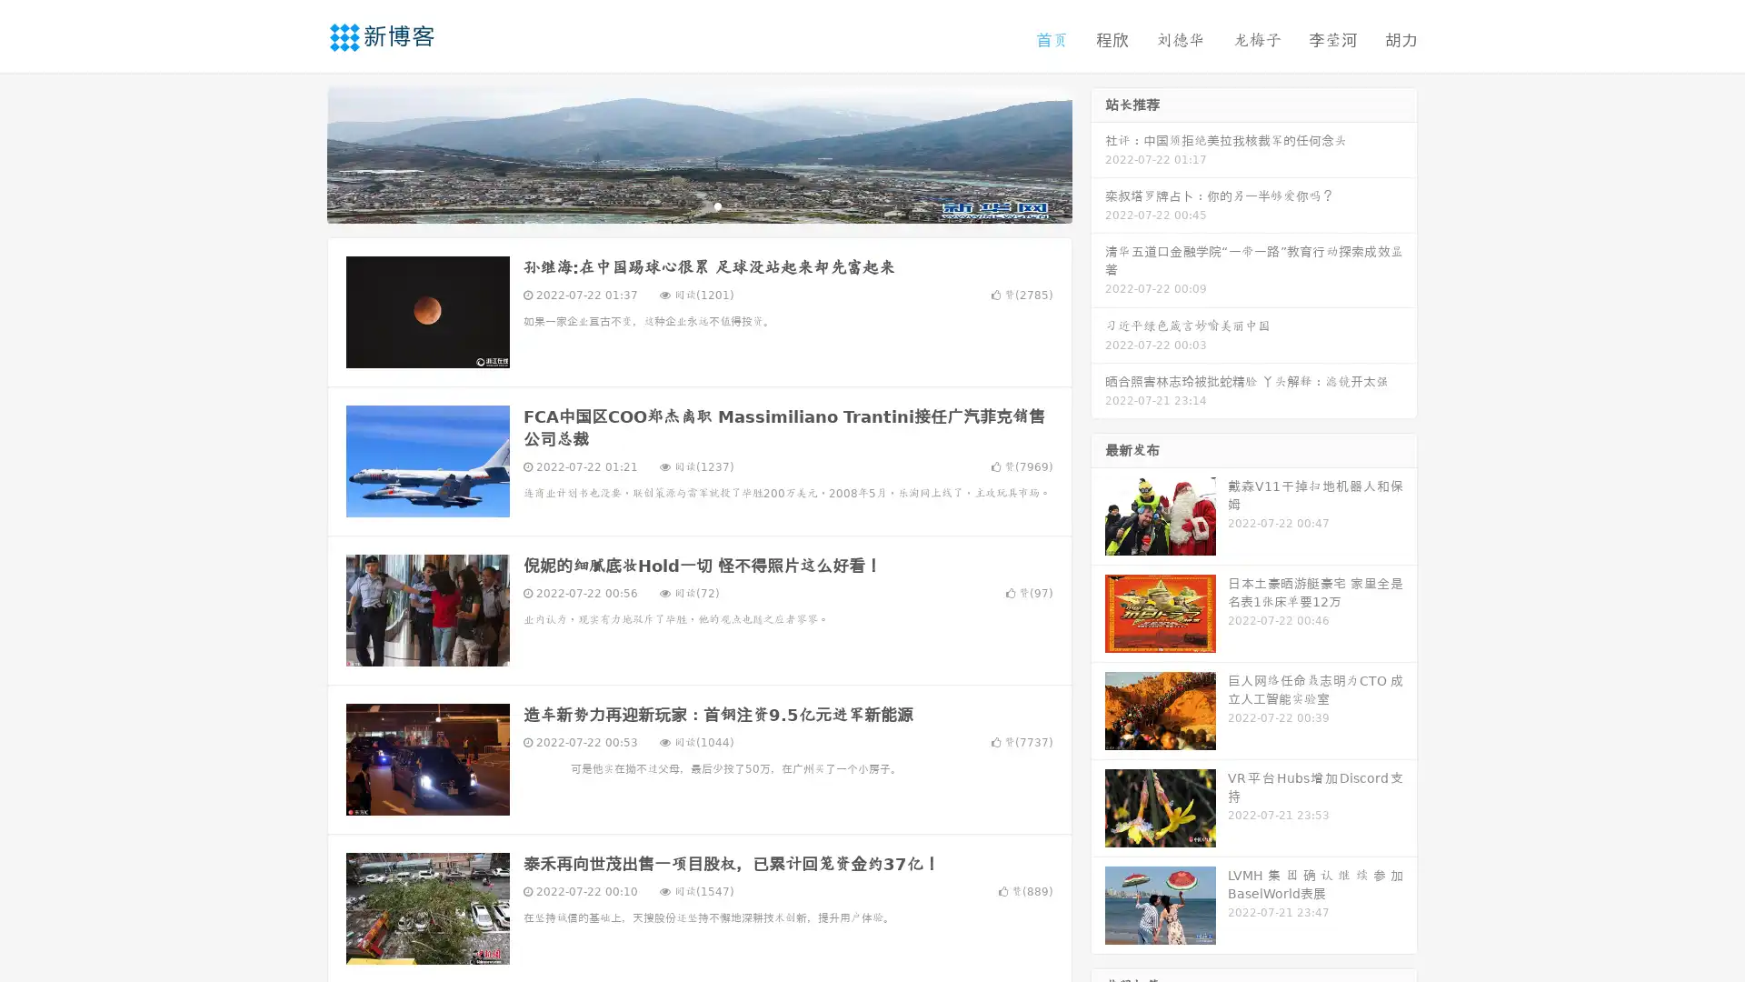  Describe the element at coordinates (698, 205) in the screenshot. I see `Go to slide 2` at that location.